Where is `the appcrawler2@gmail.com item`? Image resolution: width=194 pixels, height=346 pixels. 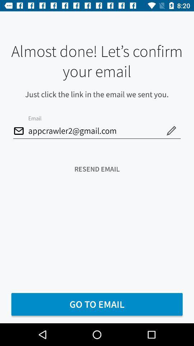
the appcrawler2@gmail.com item is located at coordinates (97, 131).